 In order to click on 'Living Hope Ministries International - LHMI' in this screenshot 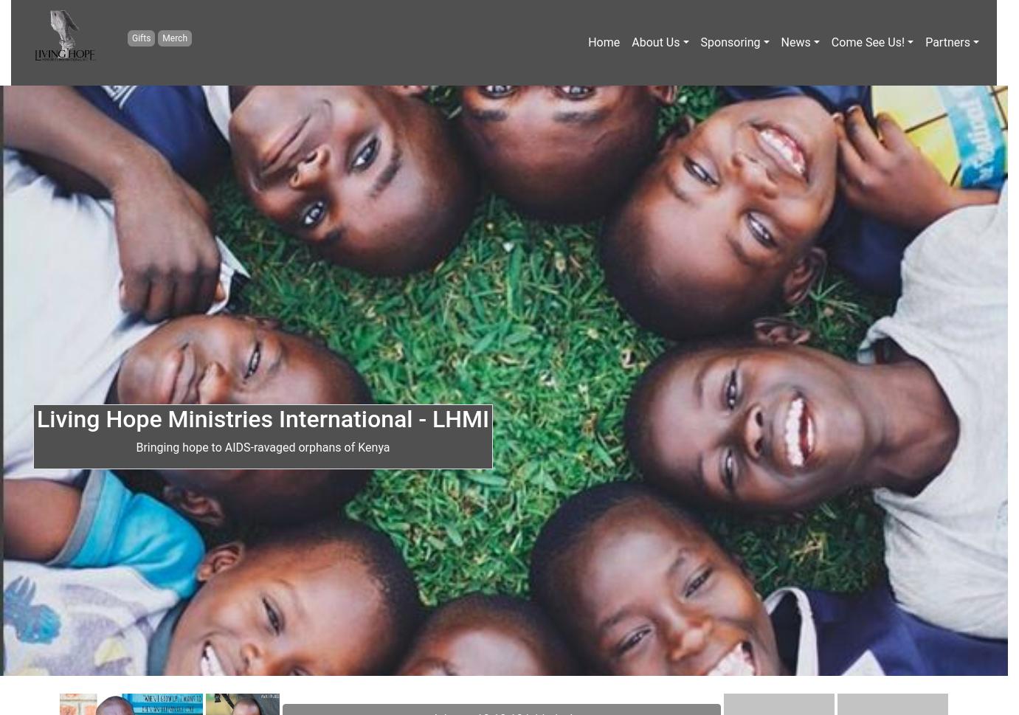, I will do `click(35, 419)`.